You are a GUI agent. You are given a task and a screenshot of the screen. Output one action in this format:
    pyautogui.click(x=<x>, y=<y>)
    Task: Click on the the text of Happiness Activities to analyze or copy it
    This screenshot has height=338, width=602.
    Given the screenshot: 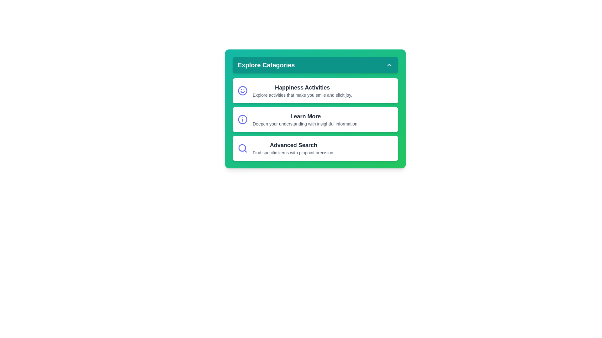 What is the action you would take?
    pyautogui.click(x=315, y=90)
    